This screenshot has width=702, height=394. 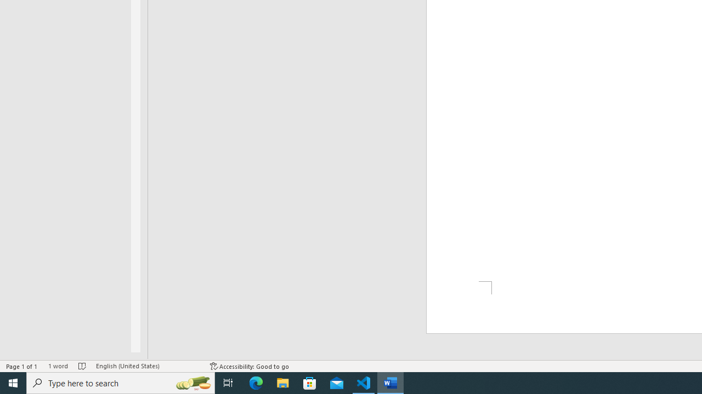 I want to click on 'Spelling and Grammar Check No Errors', so click(x=82, y=366).